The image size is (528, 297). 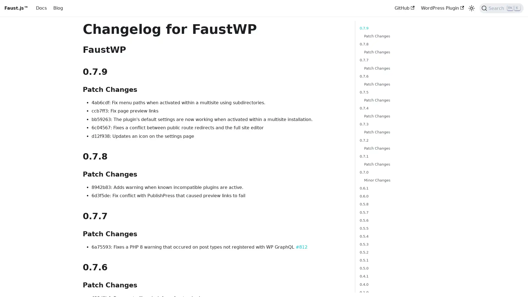 What do you see at coordinates (501, 8) in the screenshot?
I see `Search` at bounding box center [501, 8].